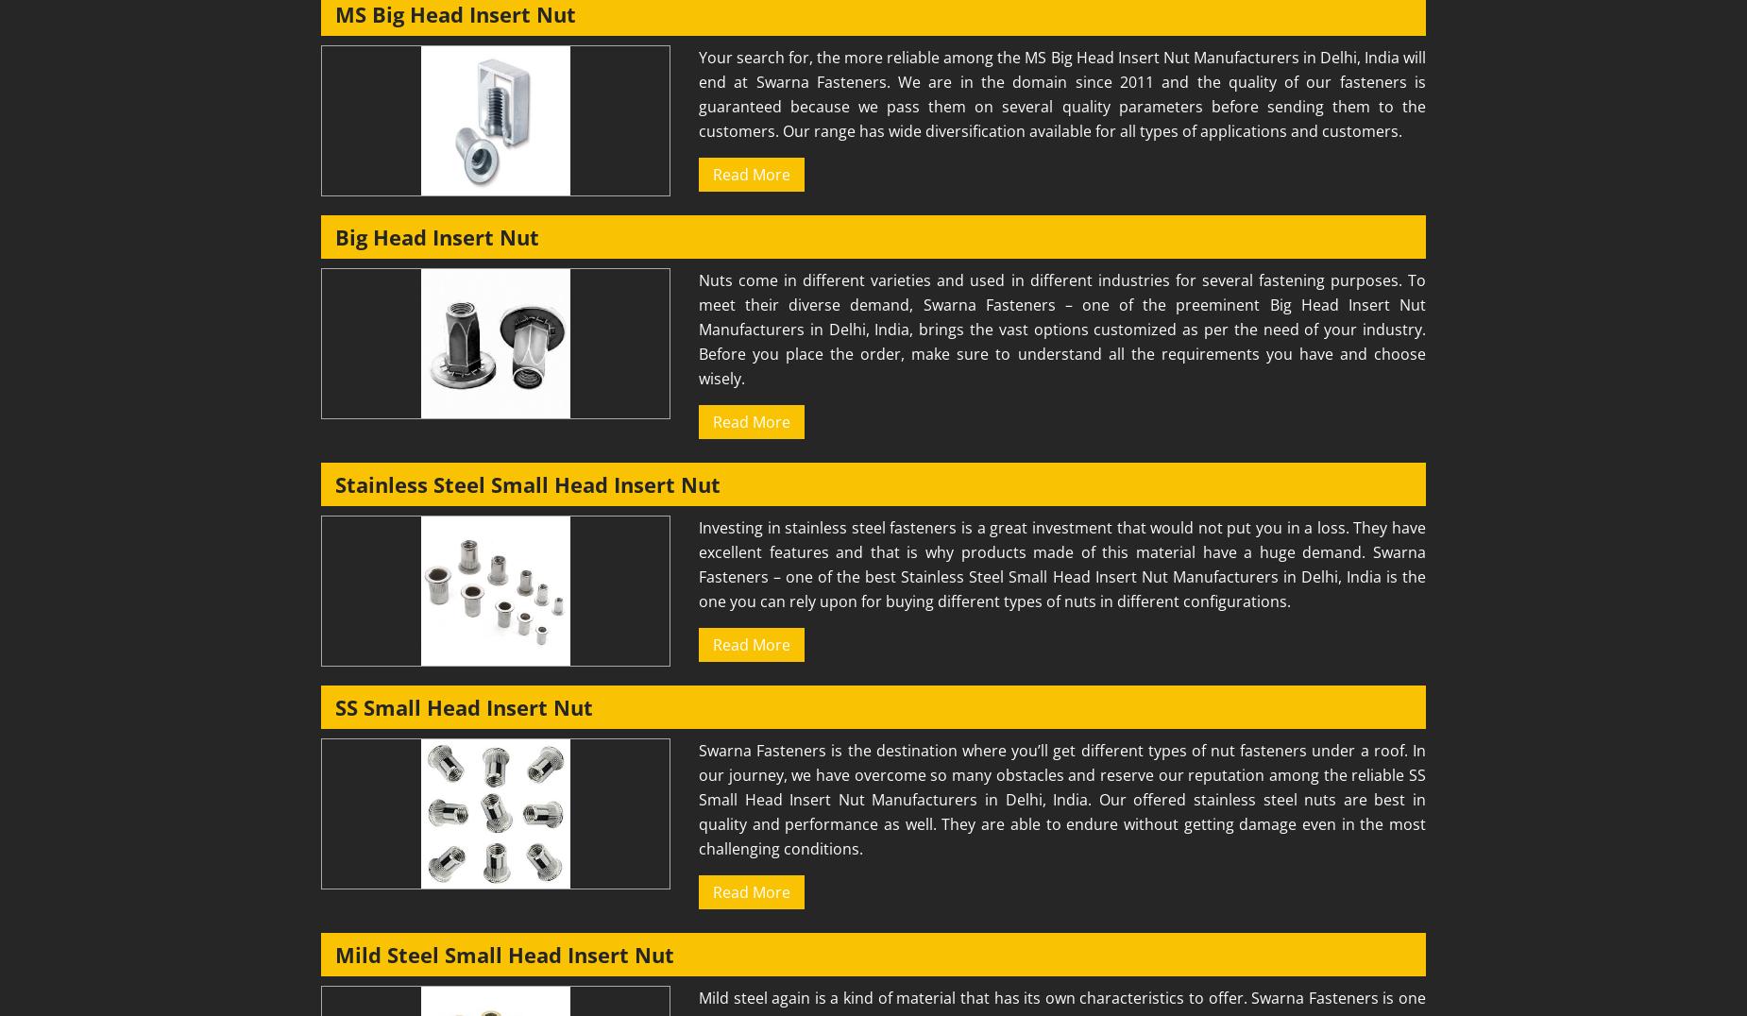  What do you see at coordinates (1060, 565) in the screenshot?
I see `'Investing in stainless steel fasteners is a great investment that would not put you in a loss. They have excellent features and that is why products made of this material have a huge demand. Swarna Fasteners – one of the best Stainless Steel Small Head Insert Nut Manufacturers in Delhi, India is the one you can rely upon for buying different types of nuts in different configurations.'` at bounding box center [1060, 565].